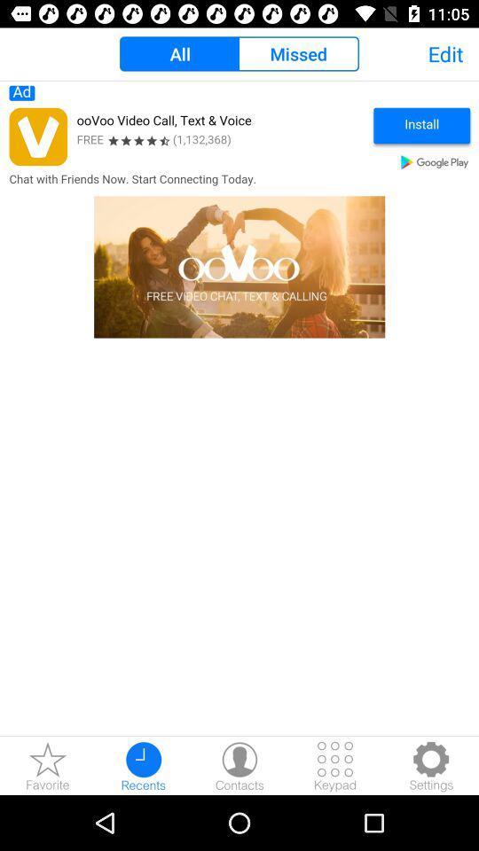  What do you see at coordinates (430, 765) in the screenshot?
I see `setting button` at bounding box center [430, 765].